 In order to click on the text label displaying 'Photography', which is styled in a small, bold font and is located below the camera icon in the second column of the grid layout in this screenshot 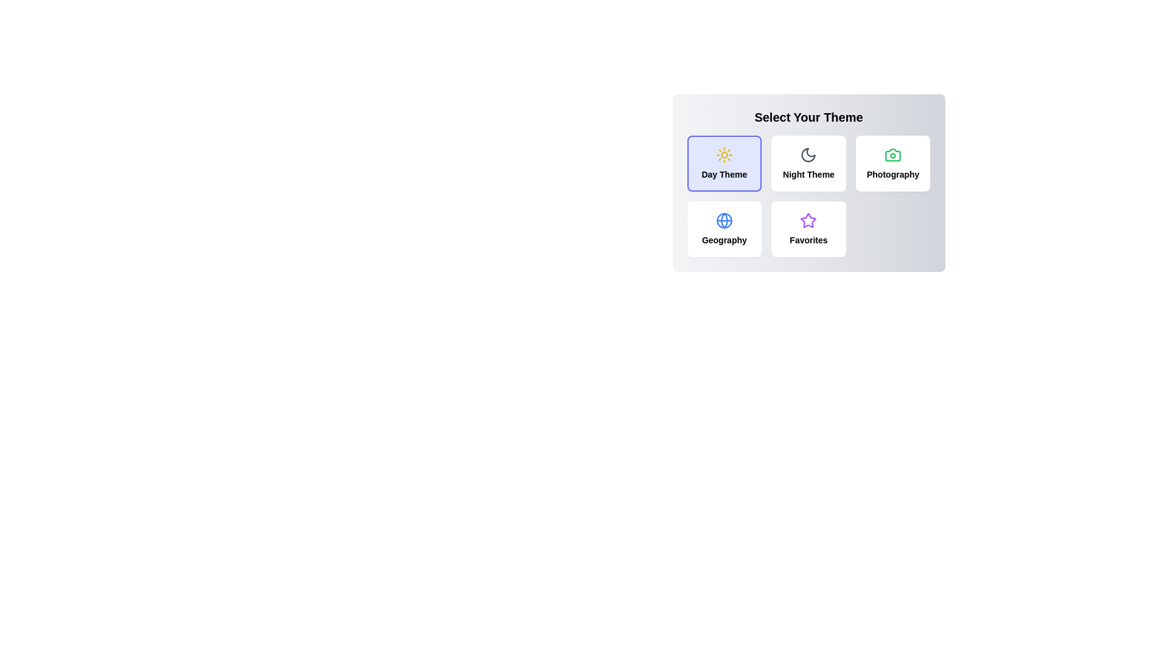, I will do `click(893, 174)`.